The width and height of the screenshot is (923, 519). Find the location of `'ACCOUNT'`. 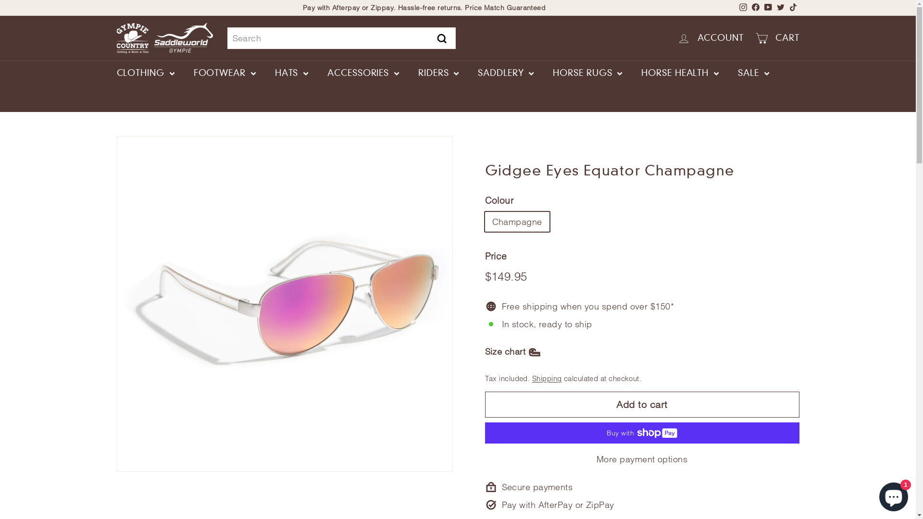

'ACCOUNT' is located at coordinates (711, 37).